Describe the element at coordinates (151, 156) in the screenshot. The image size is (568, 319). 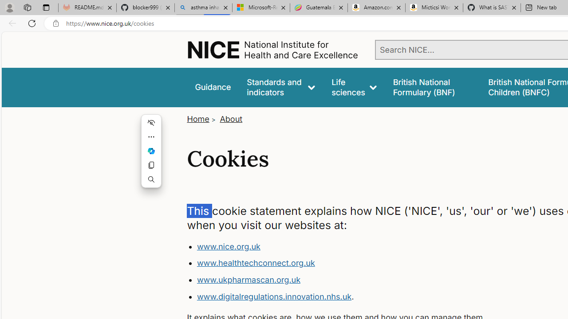
I see `'Mini menu on text selection'` at that location.